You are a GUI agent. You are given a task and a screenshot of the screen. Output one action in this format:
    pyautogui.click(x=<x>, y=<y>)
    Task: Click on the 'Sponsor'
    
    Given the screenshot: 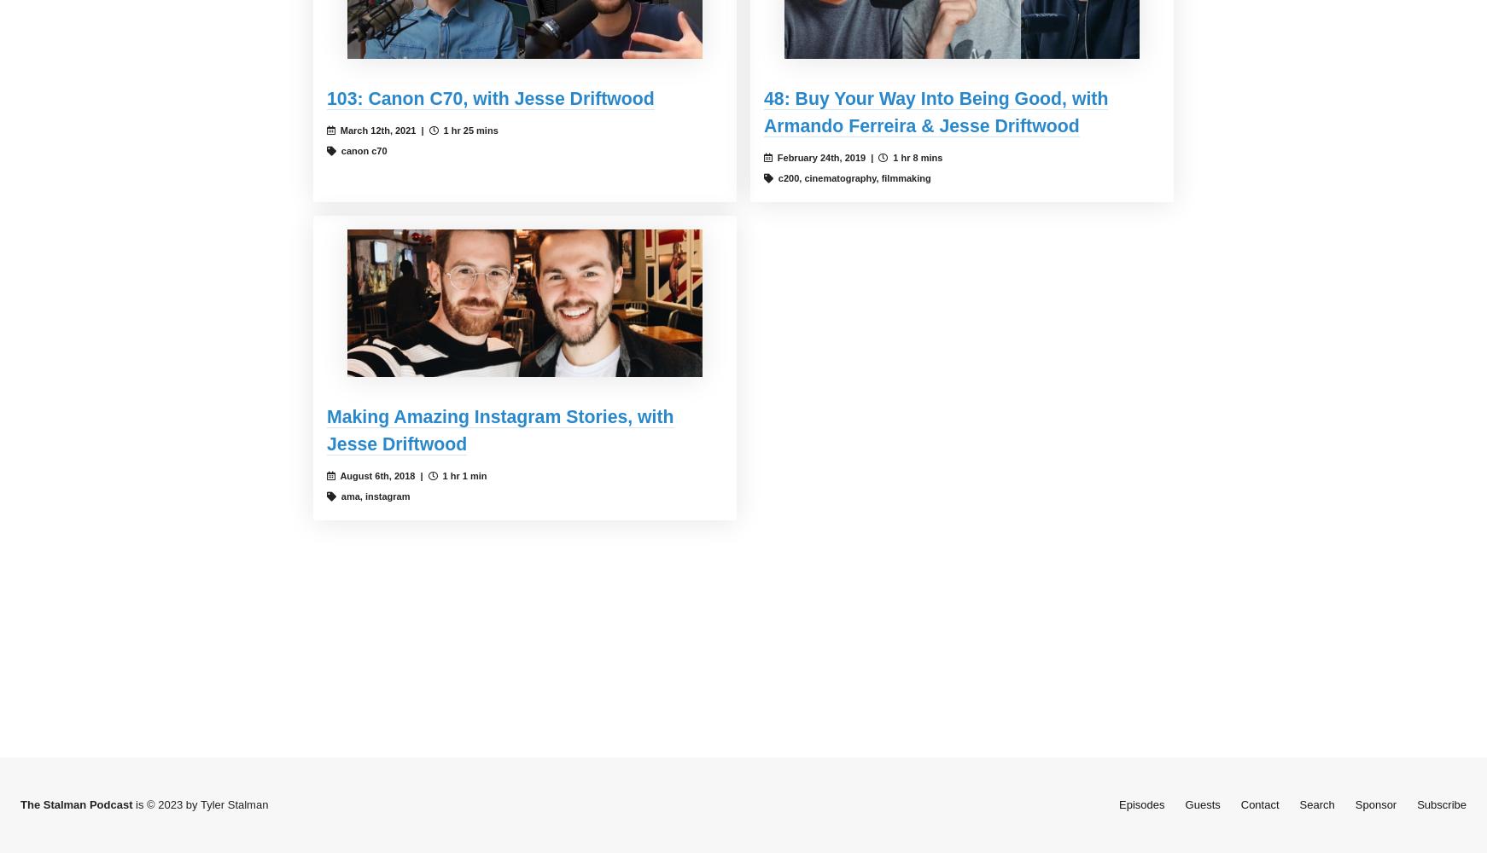 What is the action you would take?
    pyautogui.click(x=1375, y=804)
    